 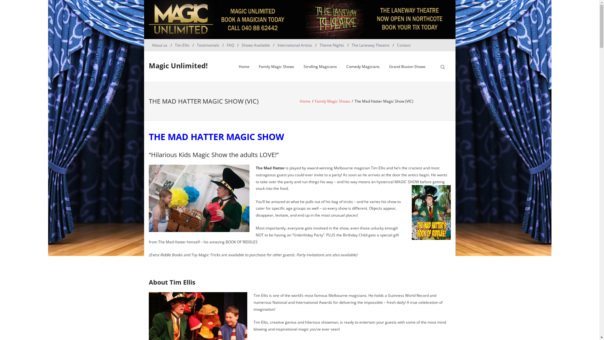 What do you see at coordinates (407, 67) in the screenshot?
I see `'Grand Illusion Shows'` at bounding box center [407, 67].